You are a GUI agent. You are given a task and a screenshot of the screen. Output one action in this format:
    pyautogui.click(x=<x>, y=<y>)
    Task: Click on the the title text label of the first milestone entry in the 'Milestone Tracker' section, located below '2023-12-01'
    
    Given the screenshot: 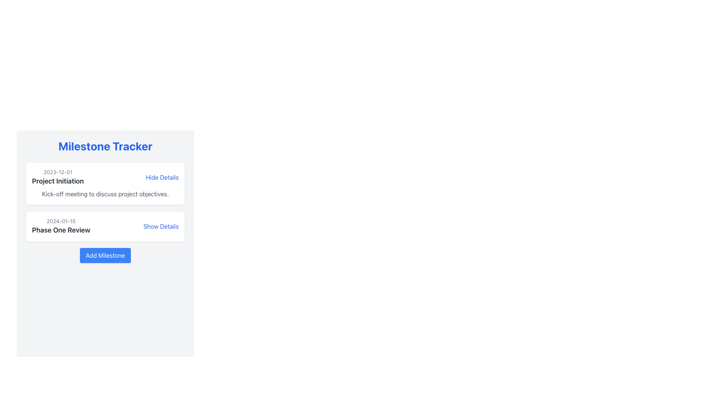 What is the action you would take?
    pyautogui.click(x=57, y=181)
    